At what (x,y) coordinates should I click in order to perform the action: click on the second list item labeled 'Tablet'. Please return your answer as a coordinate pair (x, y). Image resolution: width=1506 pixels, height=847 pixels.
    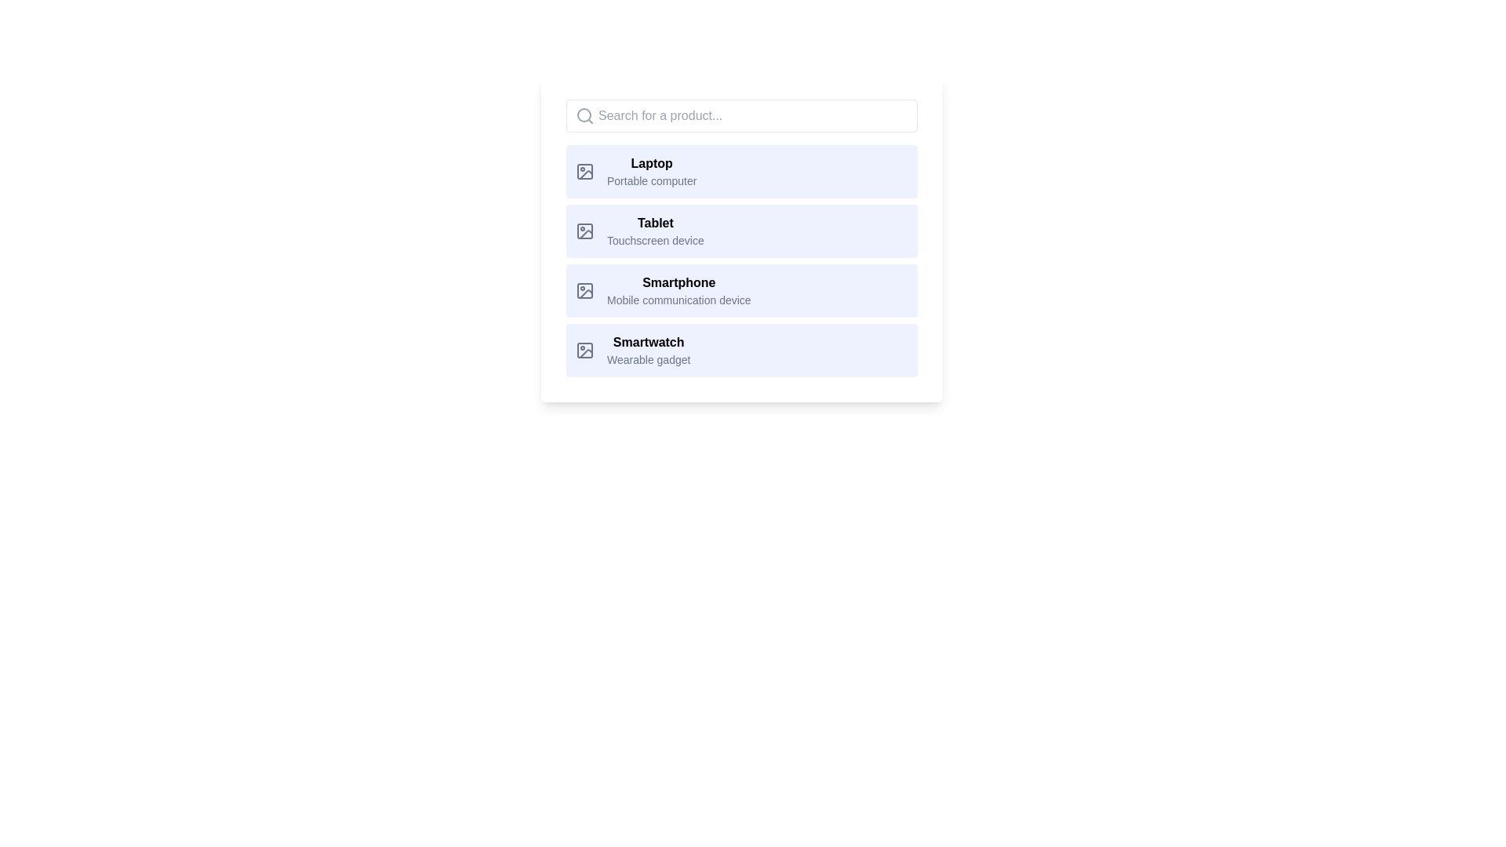
    Looking at the image, I should click on (740, 238).